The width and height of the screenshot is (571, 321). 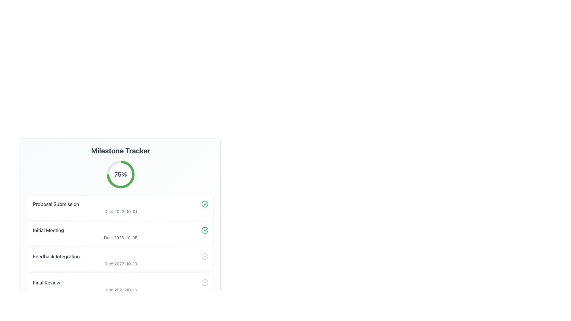 What do you see at coordinates (205, 204) in the screenshot?
I see `the completion indicator icon for the 'Proposal Submission' milestone, located` at bounding box center [205, 204].